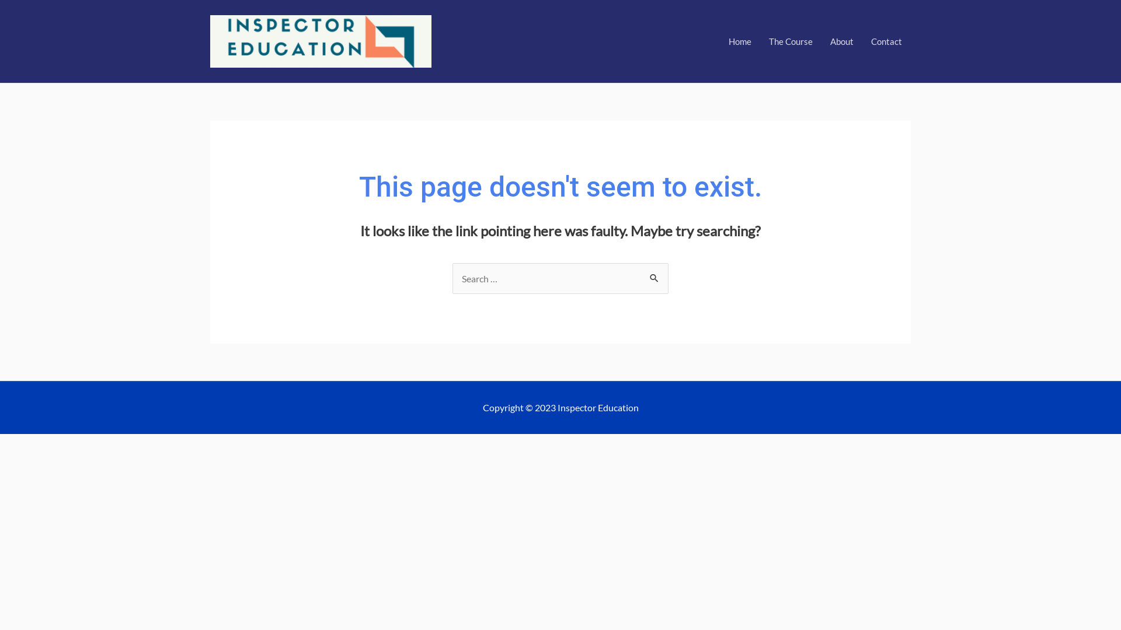 Image resolution: width=1121 pixels, height=630 pixels. I want to click on 'About', so click(841, 40).